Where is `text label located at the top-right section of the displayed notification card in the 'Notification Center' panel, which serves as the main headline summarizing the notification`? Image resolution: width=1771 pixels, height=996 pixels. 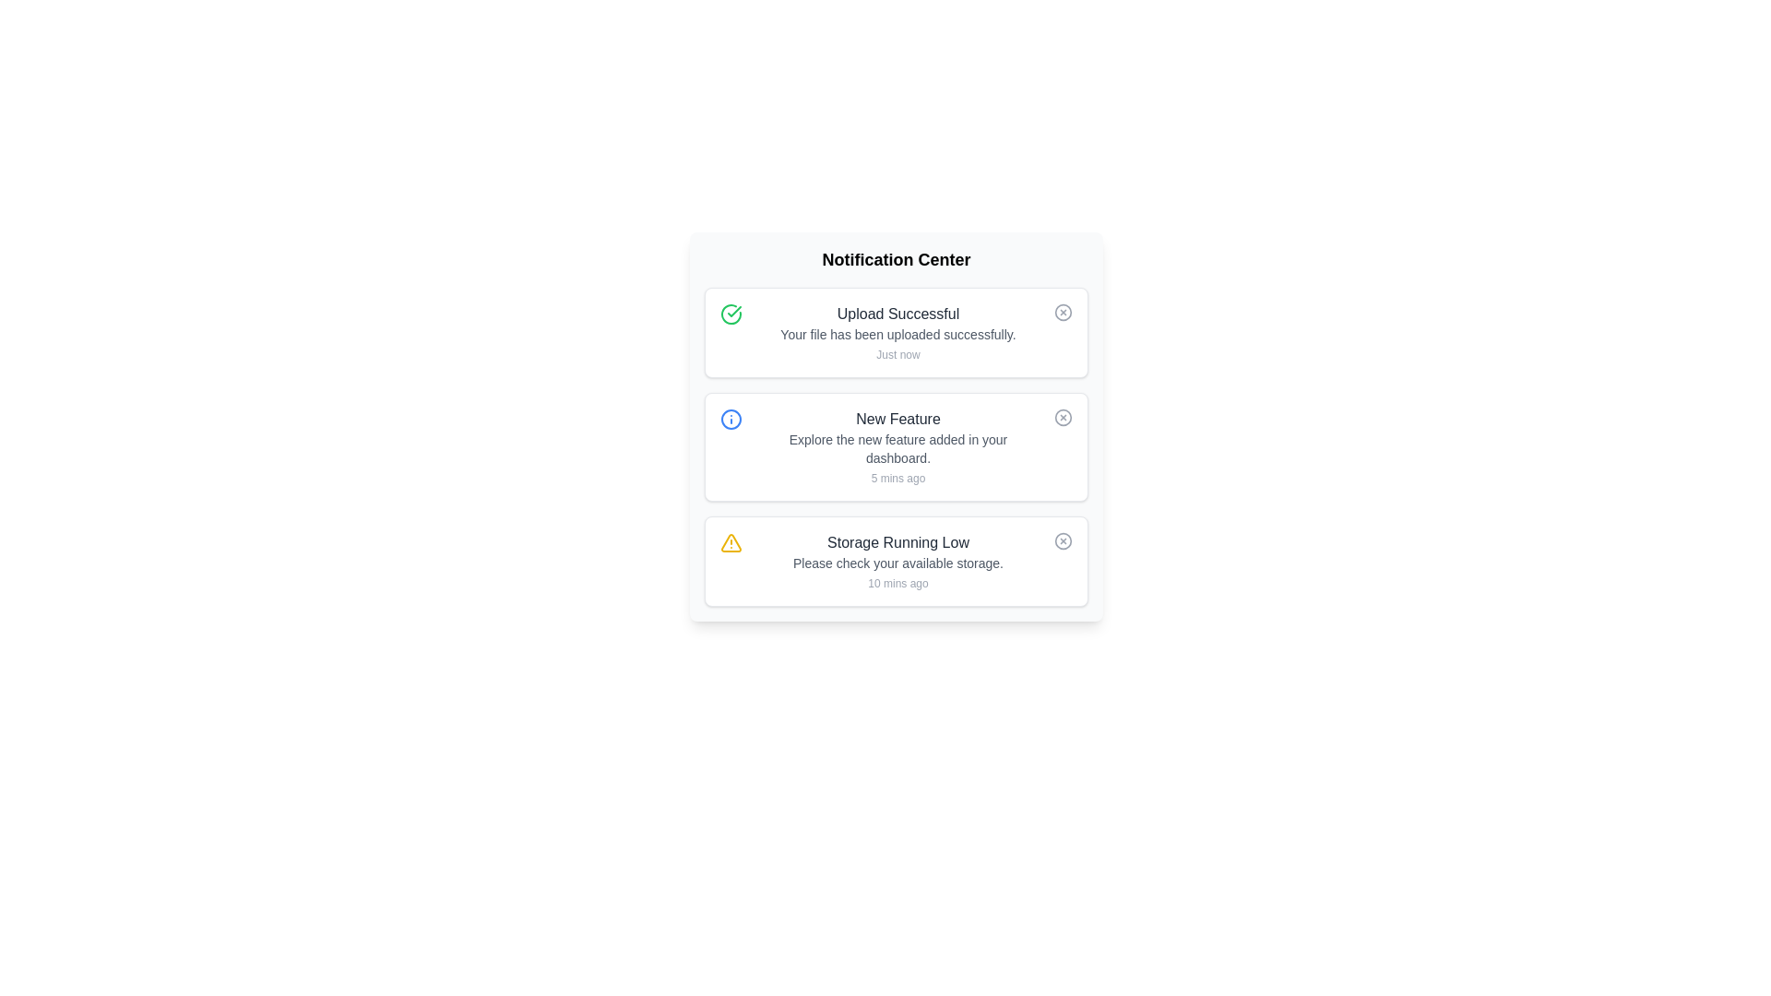
text label located at the top-right section of the displayed notification card in the 'Notification Center' panel, which serves as the main headline summarizing the notification is located at coordinates (898, 313).